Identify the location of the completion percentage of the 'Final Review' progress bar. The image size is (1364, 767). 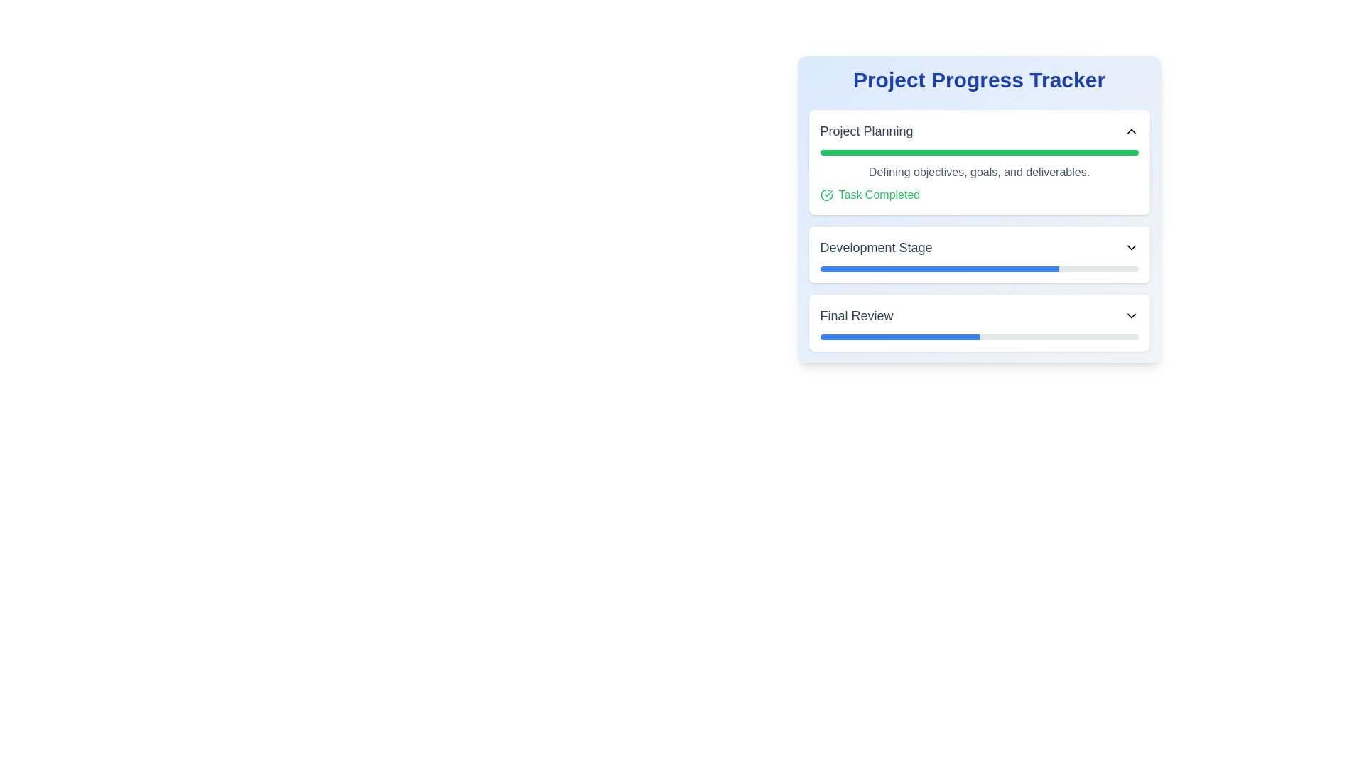
(823, 337).